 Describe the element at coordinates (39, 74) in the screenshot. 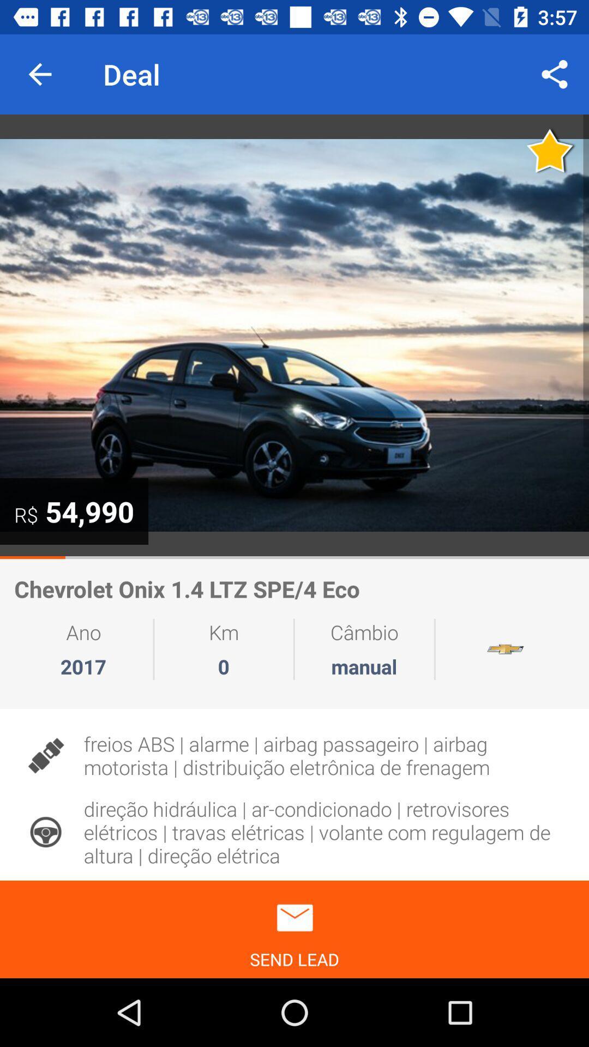

I see `item to the left of the deal icon` at that location.